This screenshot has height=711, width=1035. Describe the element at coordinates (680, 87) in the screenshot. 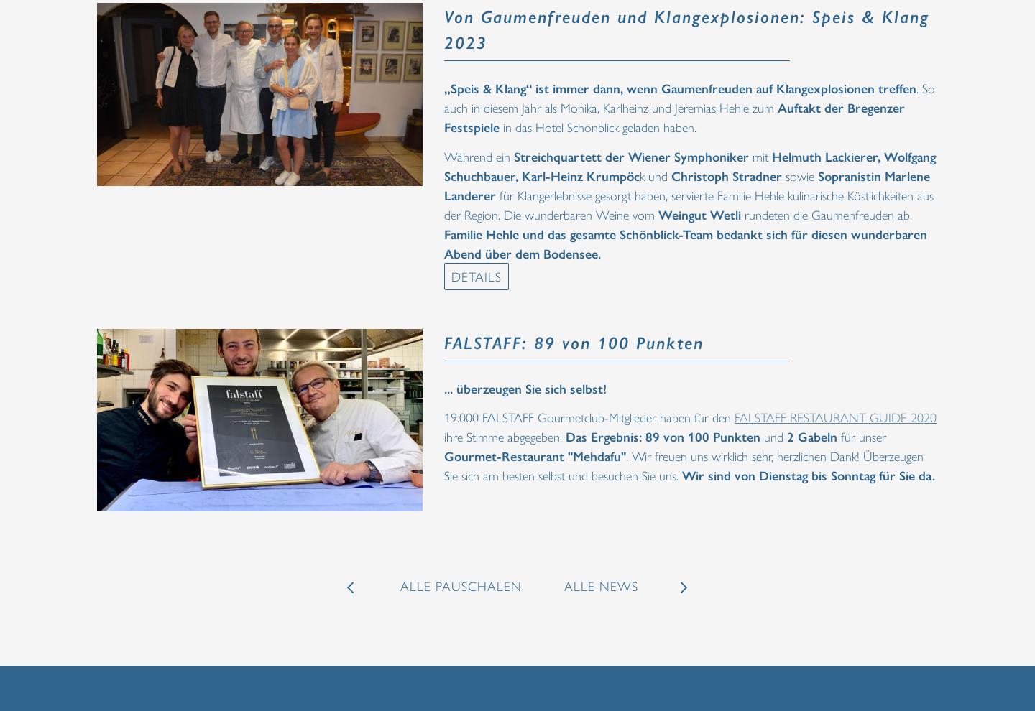

I see `'„Speis & Klang“ ist immer dann, wenn Gaumenfreuden auf Klangexplosionen treffen'` at that location.